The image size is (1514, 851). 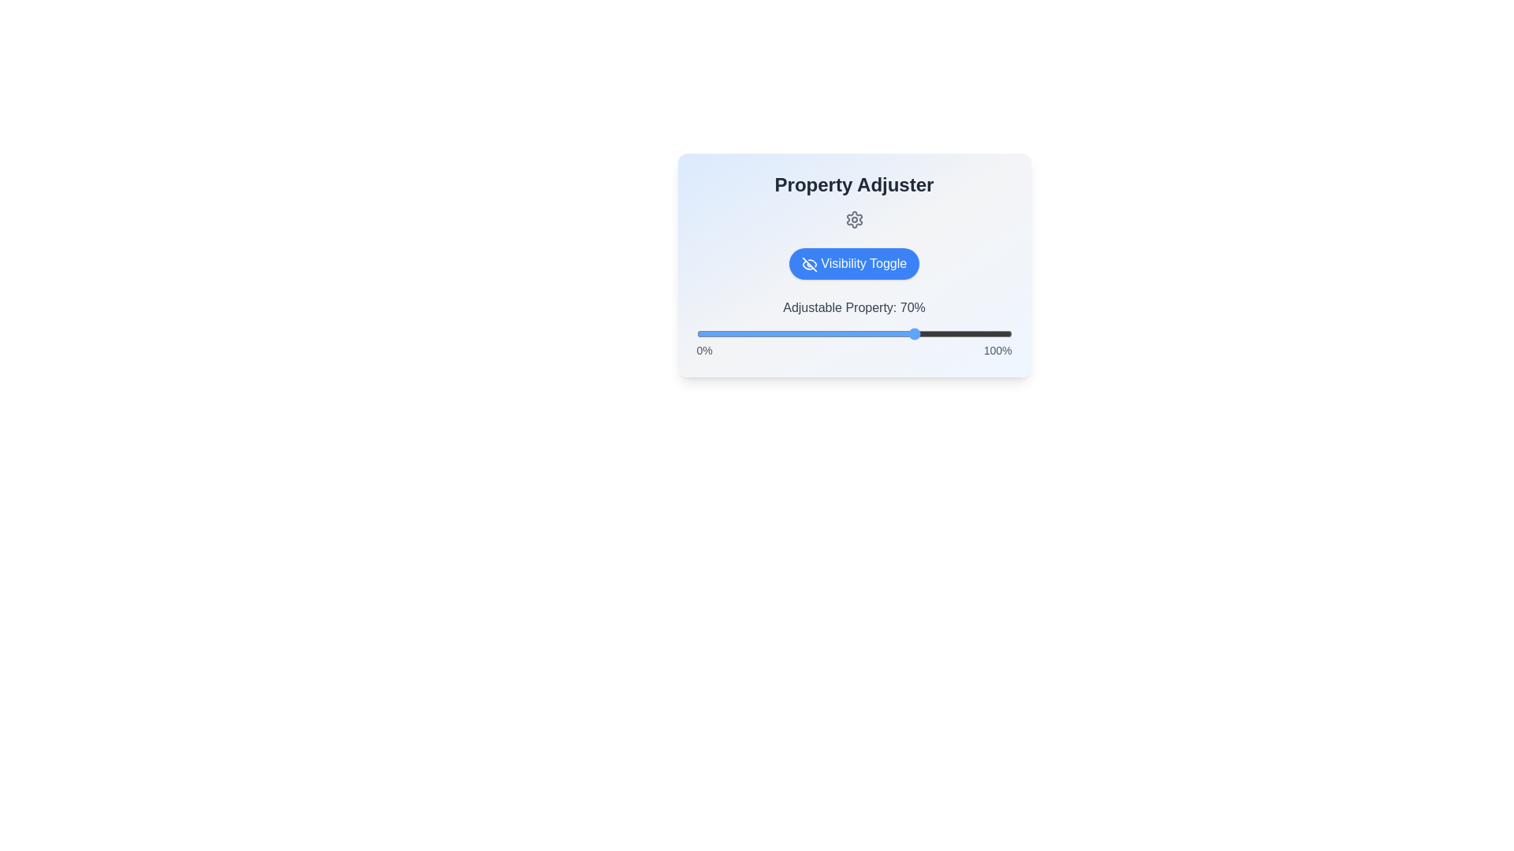 I want to click on 'Visibility Toggle' button to toggle the visibility of the adjustable property section, so click(x=853, y=263).